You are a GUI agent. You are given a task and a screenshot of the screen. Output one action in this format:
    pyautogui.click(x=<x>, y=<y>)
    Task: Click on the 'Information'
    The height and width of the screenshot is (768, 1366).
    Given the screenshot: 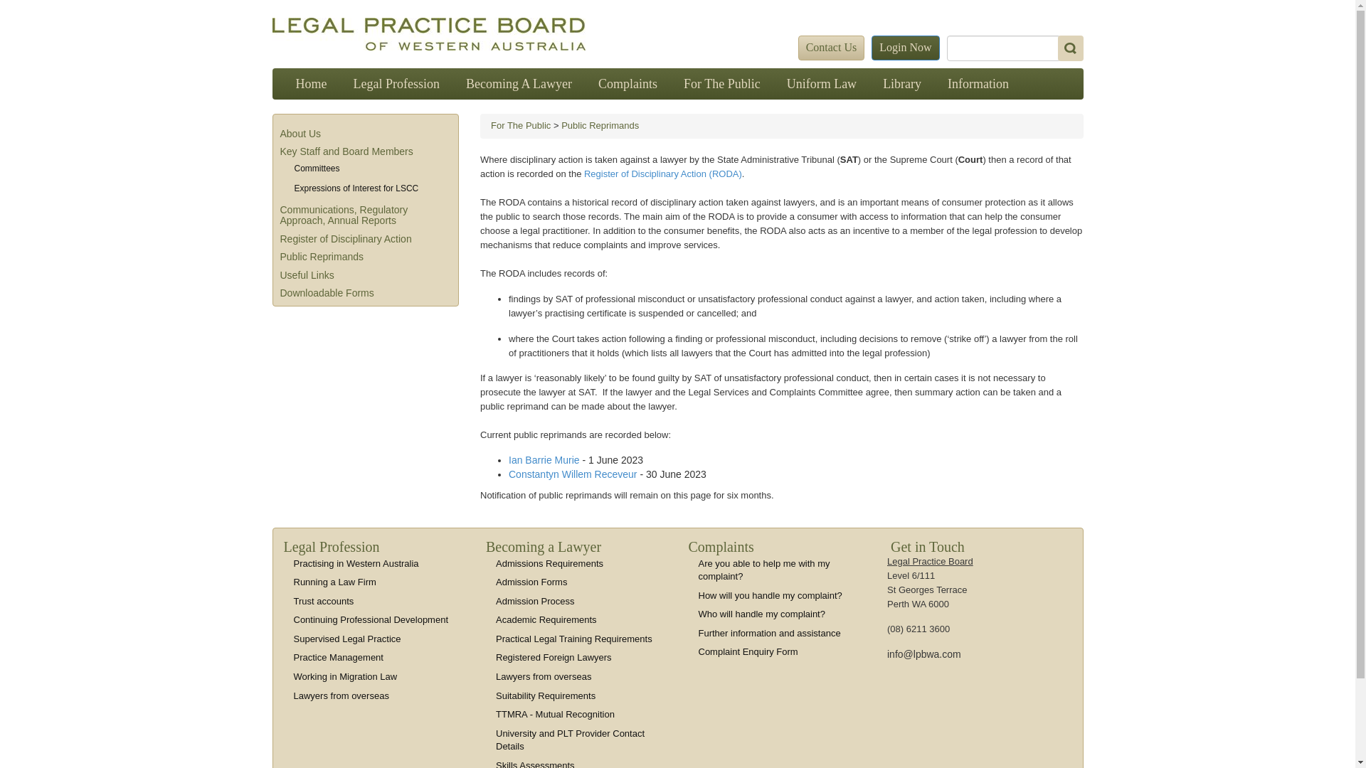 What is the action you would take?
    pyautogui.click(x=977, y=84)
    